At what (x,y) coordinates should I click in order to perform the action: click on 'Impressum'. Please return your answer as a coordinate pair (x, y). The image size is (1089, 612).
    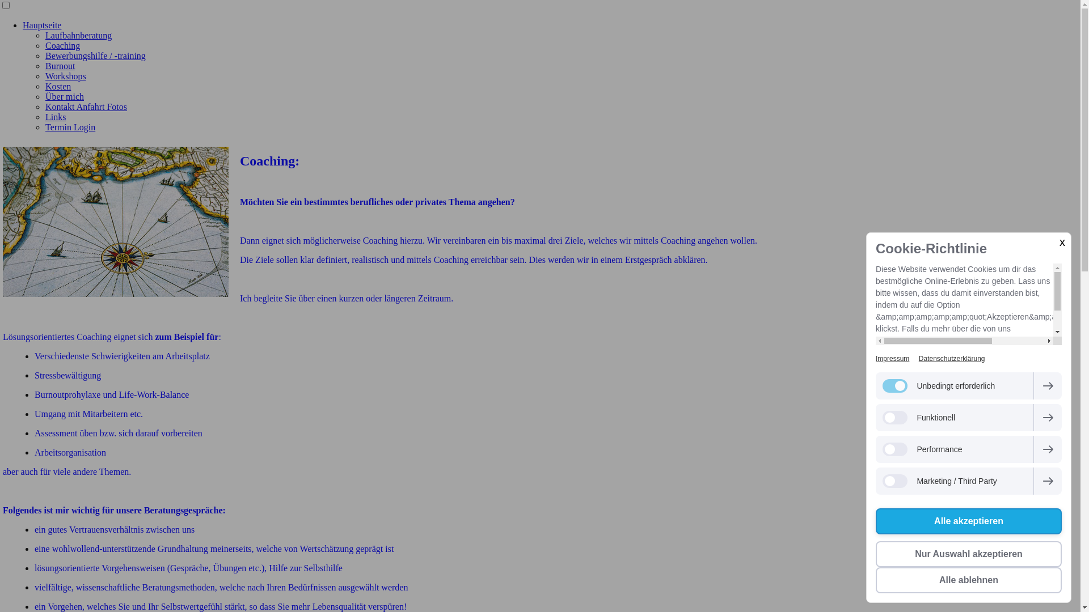
    Looking at the image, I should click on (892, 358).